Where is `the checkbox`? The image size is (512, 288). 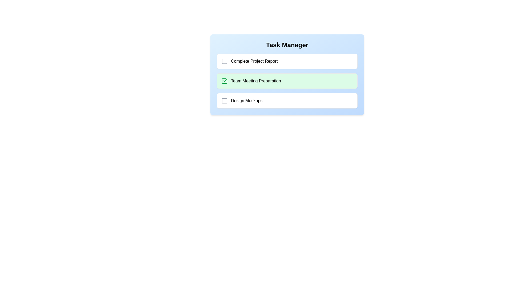 the checkbox is located at coordinates (224, 61).